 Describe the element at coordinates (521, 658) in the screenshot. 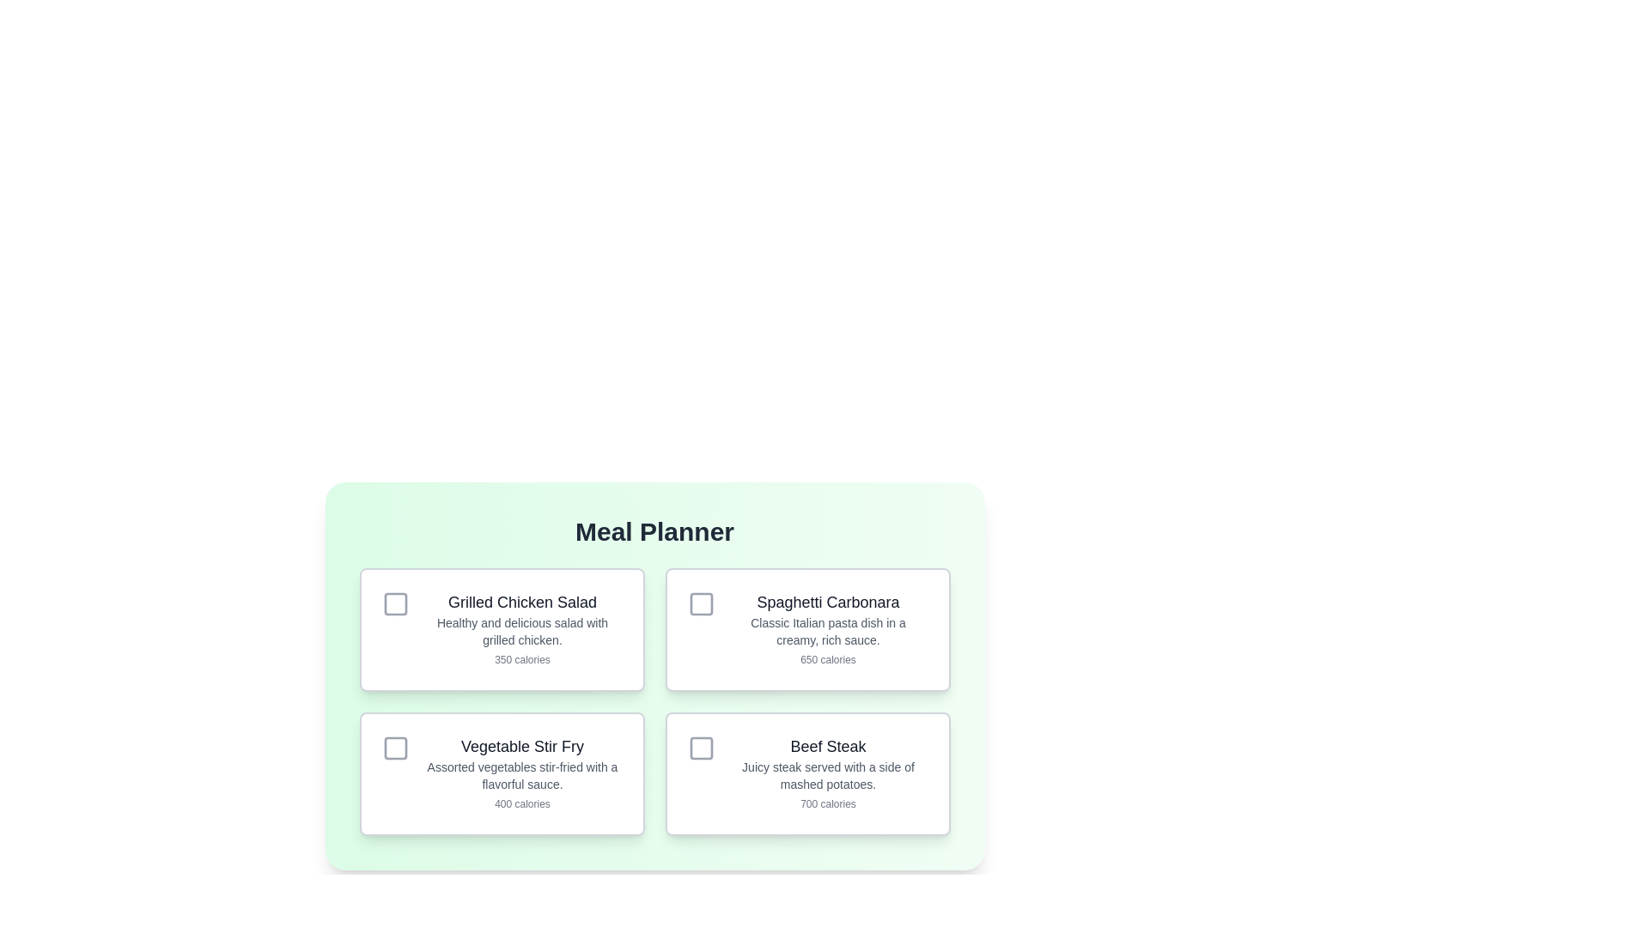

I see `the text label displaying the calorie count of the 'Grilled Chicken Salad', which is located beneath the item description within its card` at that location.